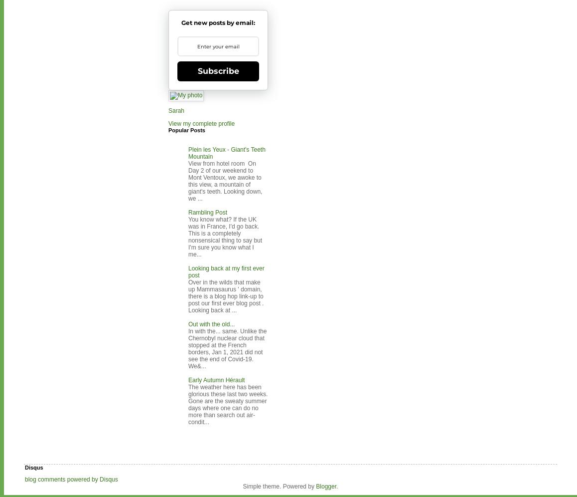 This screenshot has width=577, height=497. I want to click on 'The weather here has been glorious these last two weeks. Gone are the sweaty summer days where one can do no more than search out air-condit...', so click(187, 404).